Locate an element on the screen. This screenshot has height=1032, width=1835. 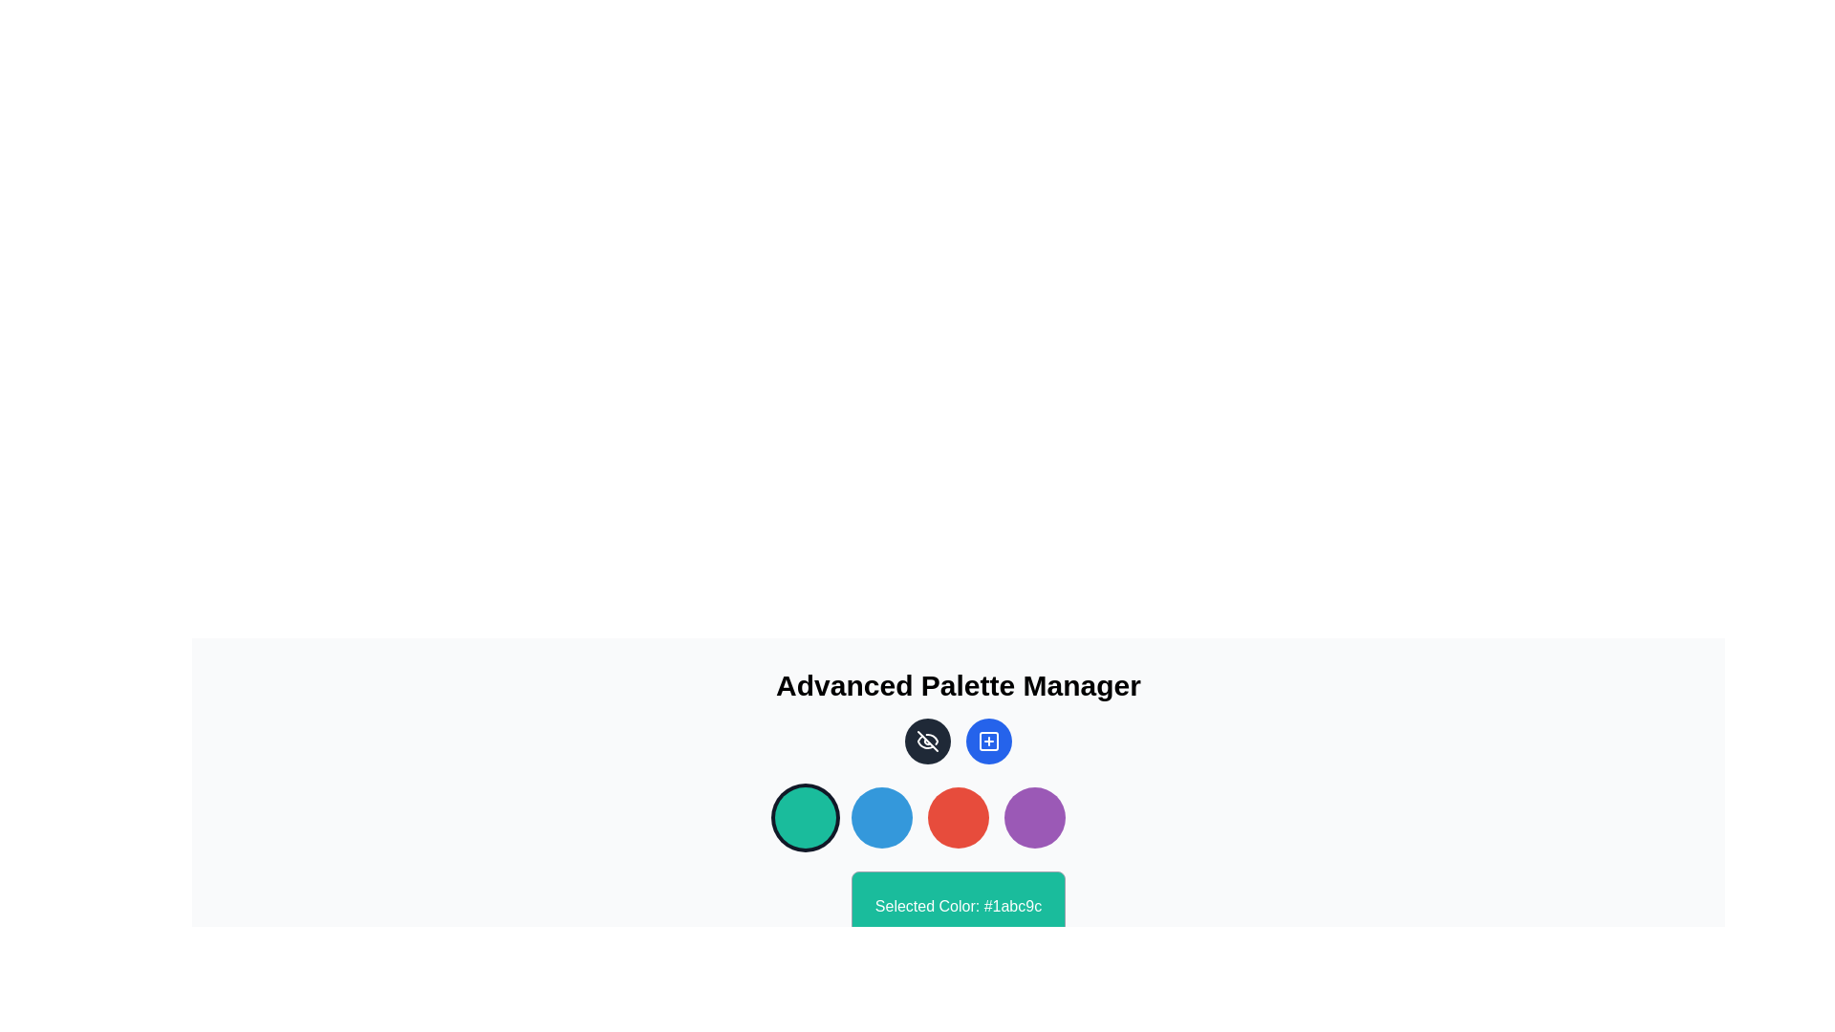
the first circular button with a teal background located at the far left of the row of buttons in the bottom section of the interface is located at coordinates (806, 817).